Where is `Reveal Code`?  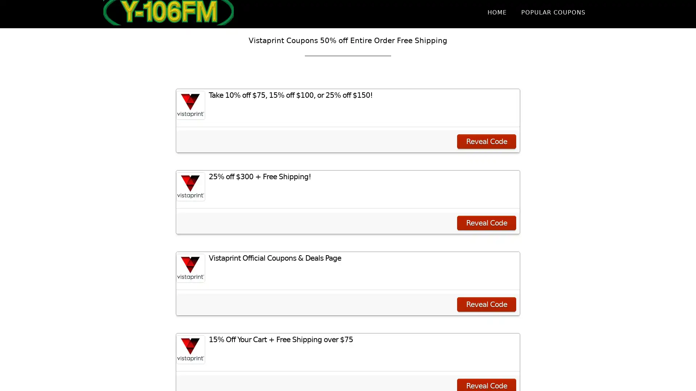
Reveal Code is located at coordinates (486, 141).